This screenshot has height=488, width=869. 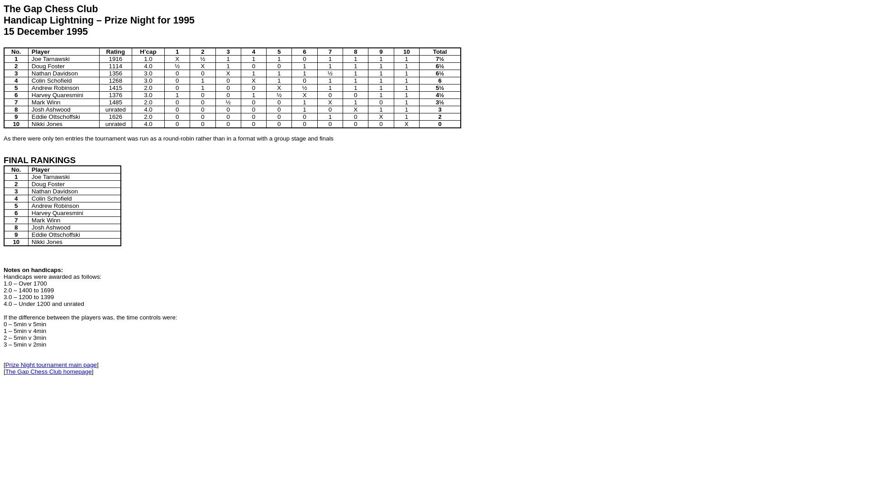 What do you see at coordinates (51, 364) in the screenshot?
I see `'Prize Night tournament main page'` at bounding box center [51, 364].